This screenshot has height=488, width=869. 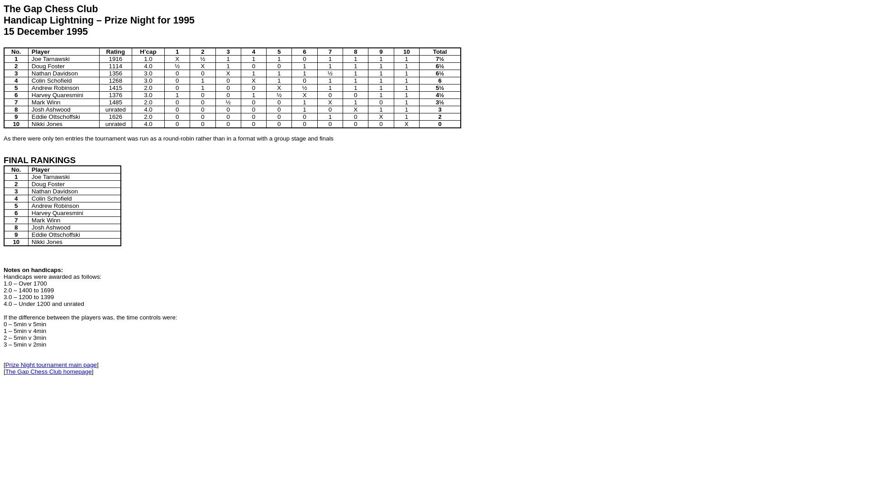 What do you see at coordinates (51, 364) in the screenshot?
I see `'Prize Night tournament main page'` at bounding box center [51, 364].